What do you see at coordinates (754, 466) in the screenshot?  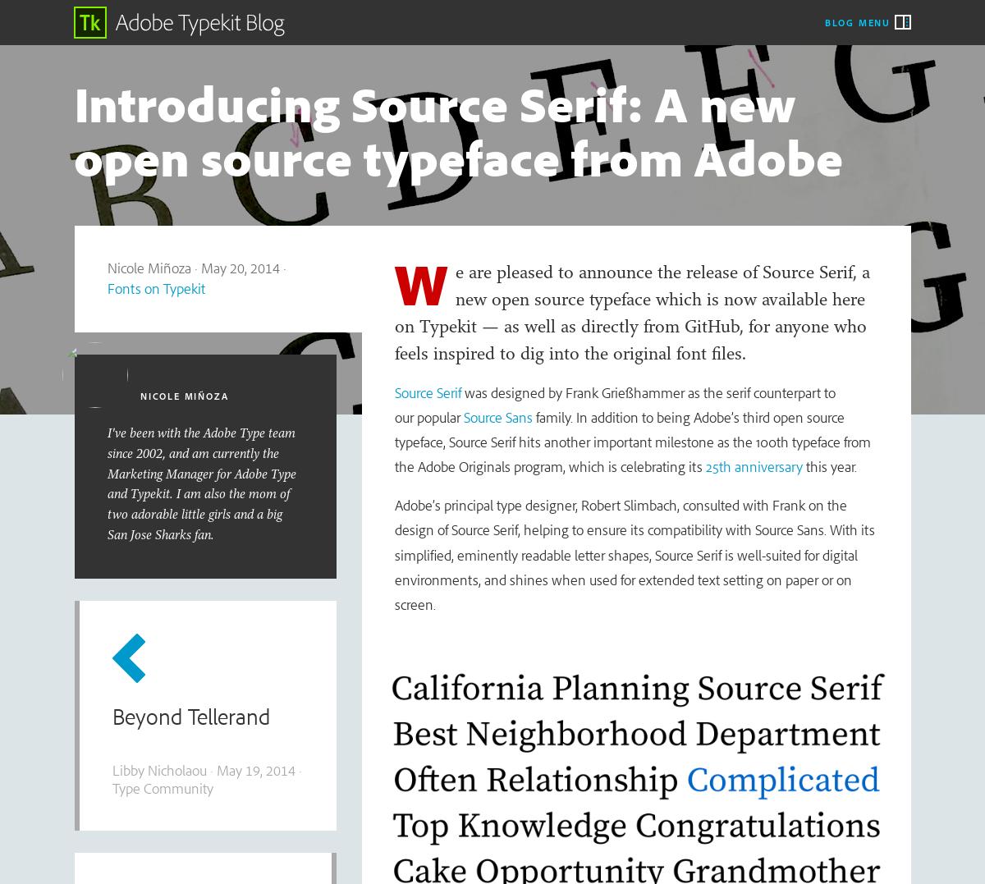 I see `'25th anniversary'` at bounding box center [754, 466].